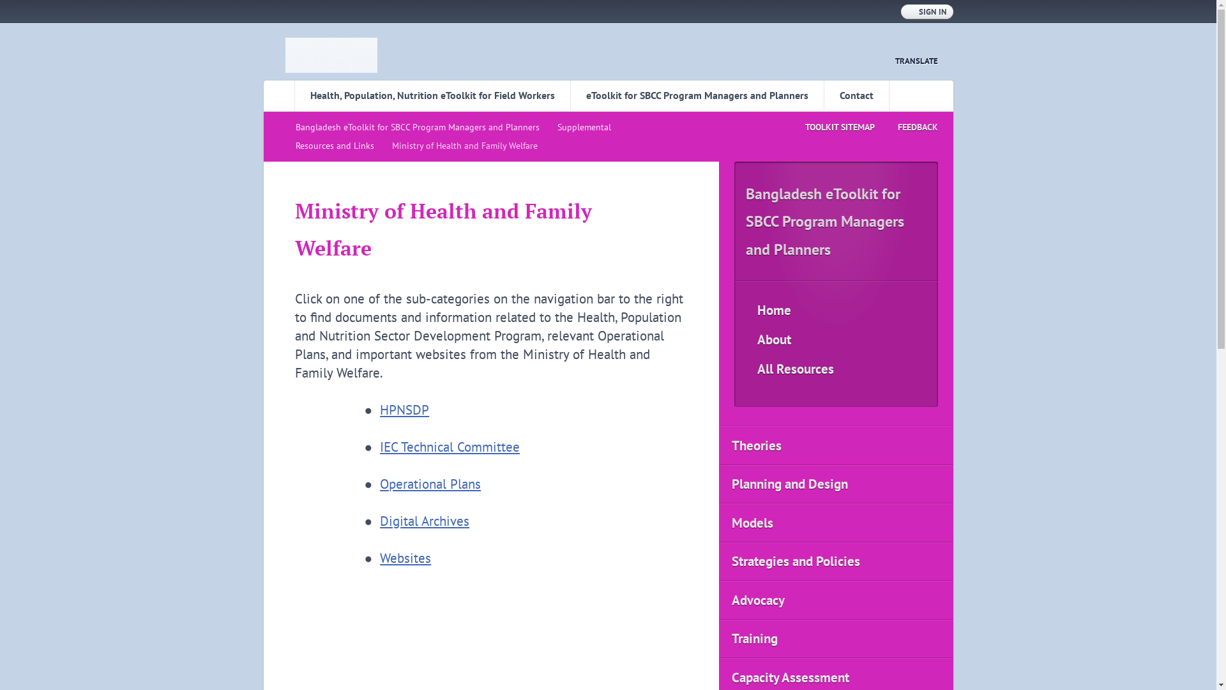 This screenshot has width=1226, height=690. I want to click on 'FEEDBACK', so click(905, 127).